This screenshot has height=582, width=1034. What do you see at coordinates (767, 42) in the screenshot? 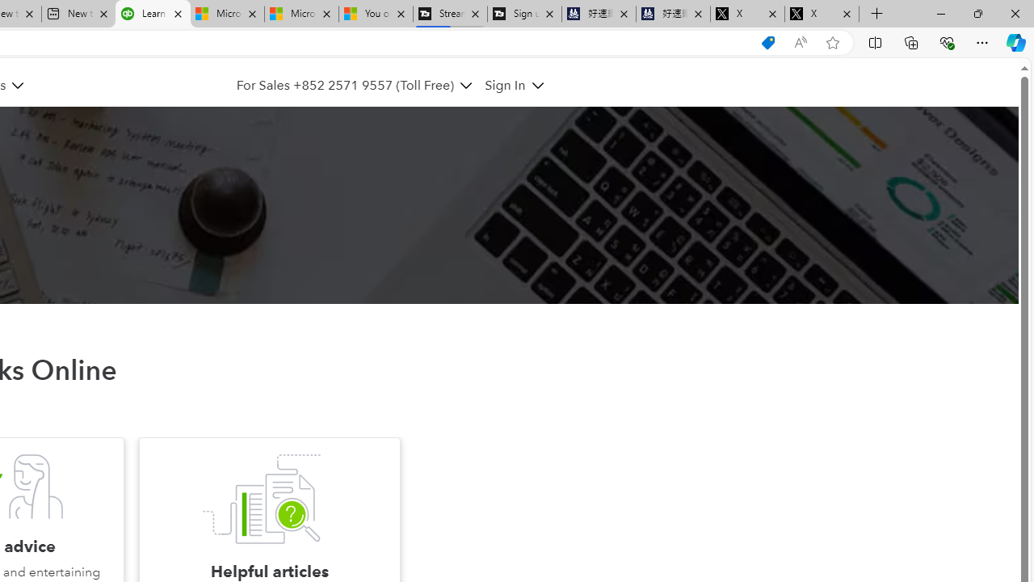
I see `'Shopping in Microsoft Edge'` at bounding box center [767, 42].